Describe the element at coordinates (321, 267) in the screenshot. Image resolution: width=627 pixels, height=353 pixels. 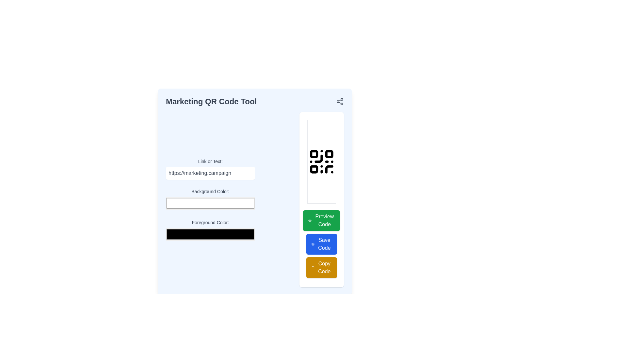
I see `the 'Copy Code' button, which is a rectangular button with a golden yellow background and white text, located at the bottom of a vertical stack of buttons next to the QR code preview area` at that location.